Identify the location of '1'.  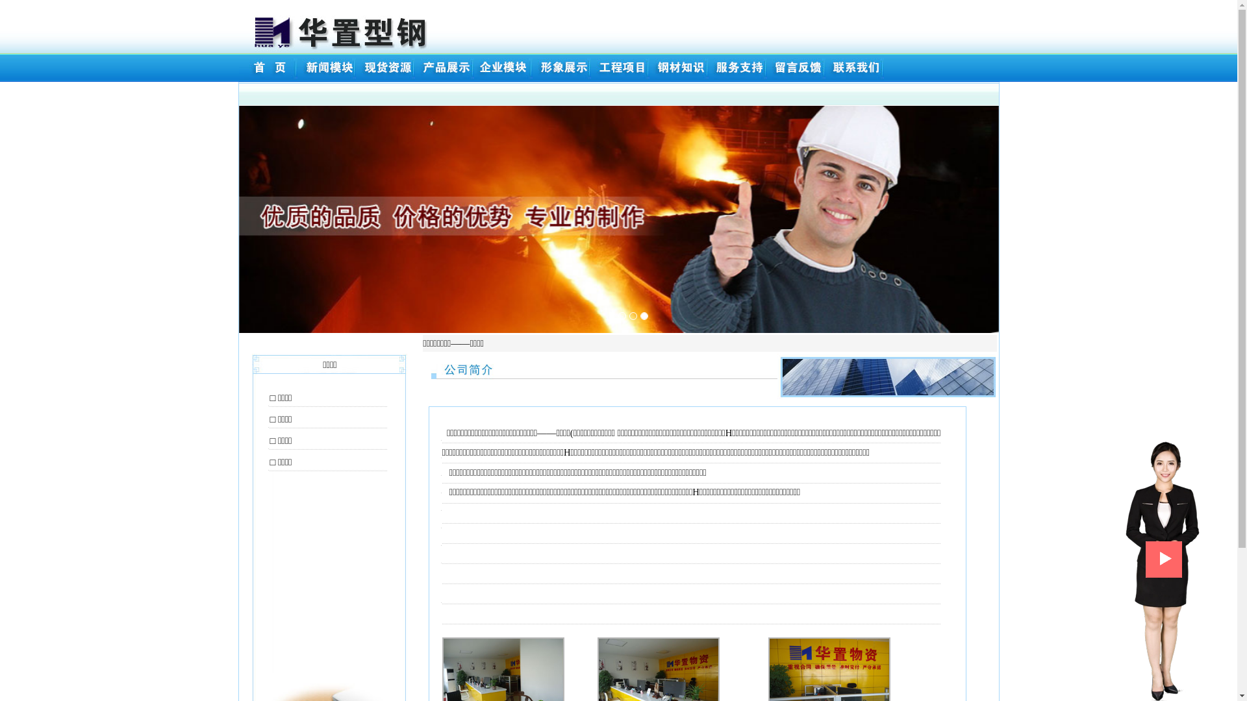
(622, 315).